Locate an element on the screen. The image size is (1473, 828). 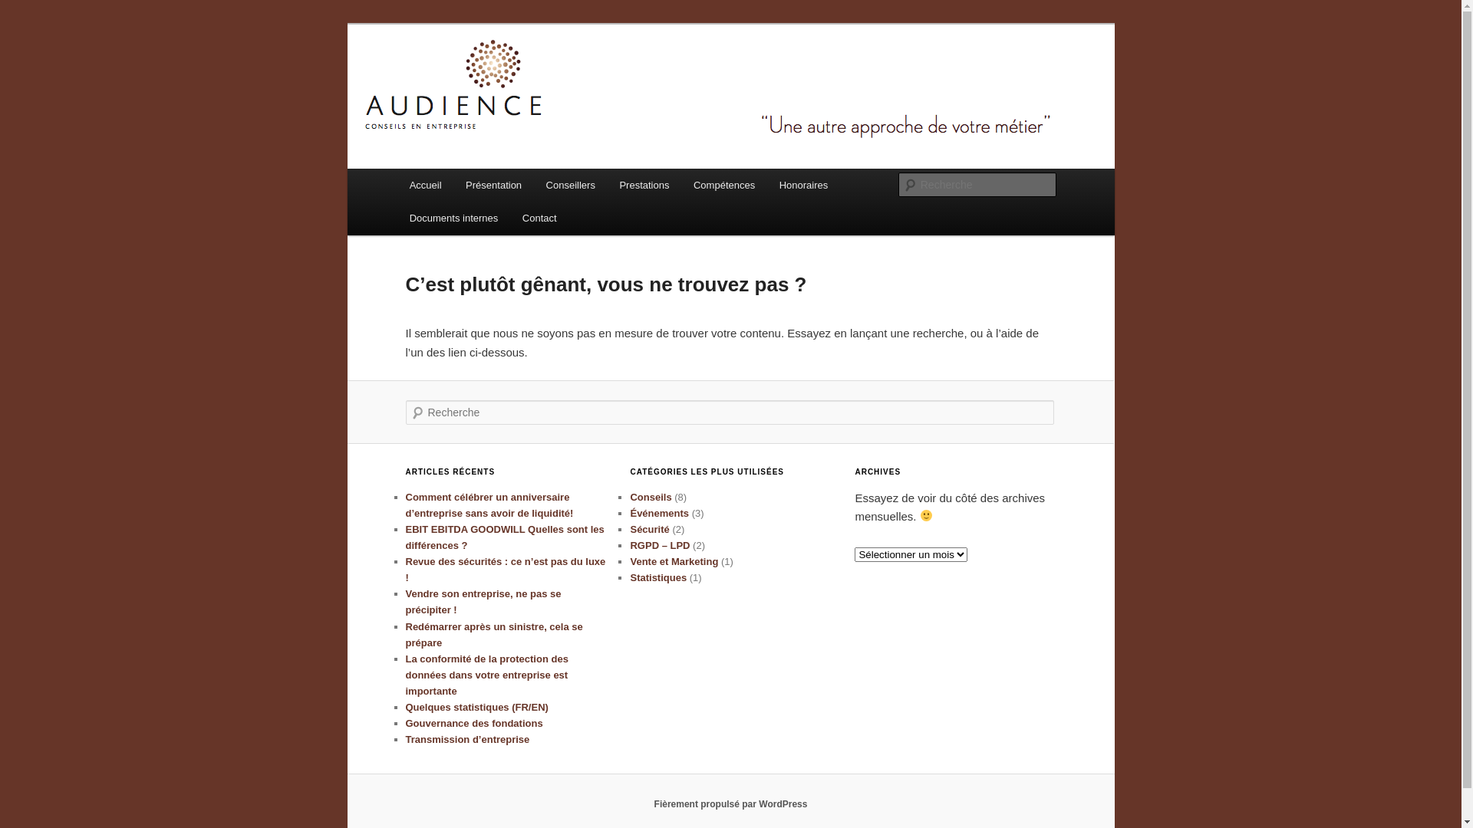
'Documents internes' is located at coordinates (453, 218).